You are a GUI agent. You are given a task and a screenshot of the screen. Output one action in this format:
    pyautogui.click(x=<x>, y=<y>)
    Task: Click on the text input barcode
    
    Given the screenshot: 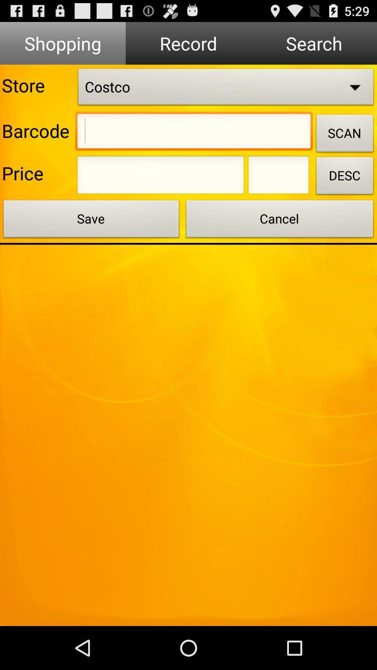 What is the action you would take?
    pyautogui.click(x=194, y=133)
    